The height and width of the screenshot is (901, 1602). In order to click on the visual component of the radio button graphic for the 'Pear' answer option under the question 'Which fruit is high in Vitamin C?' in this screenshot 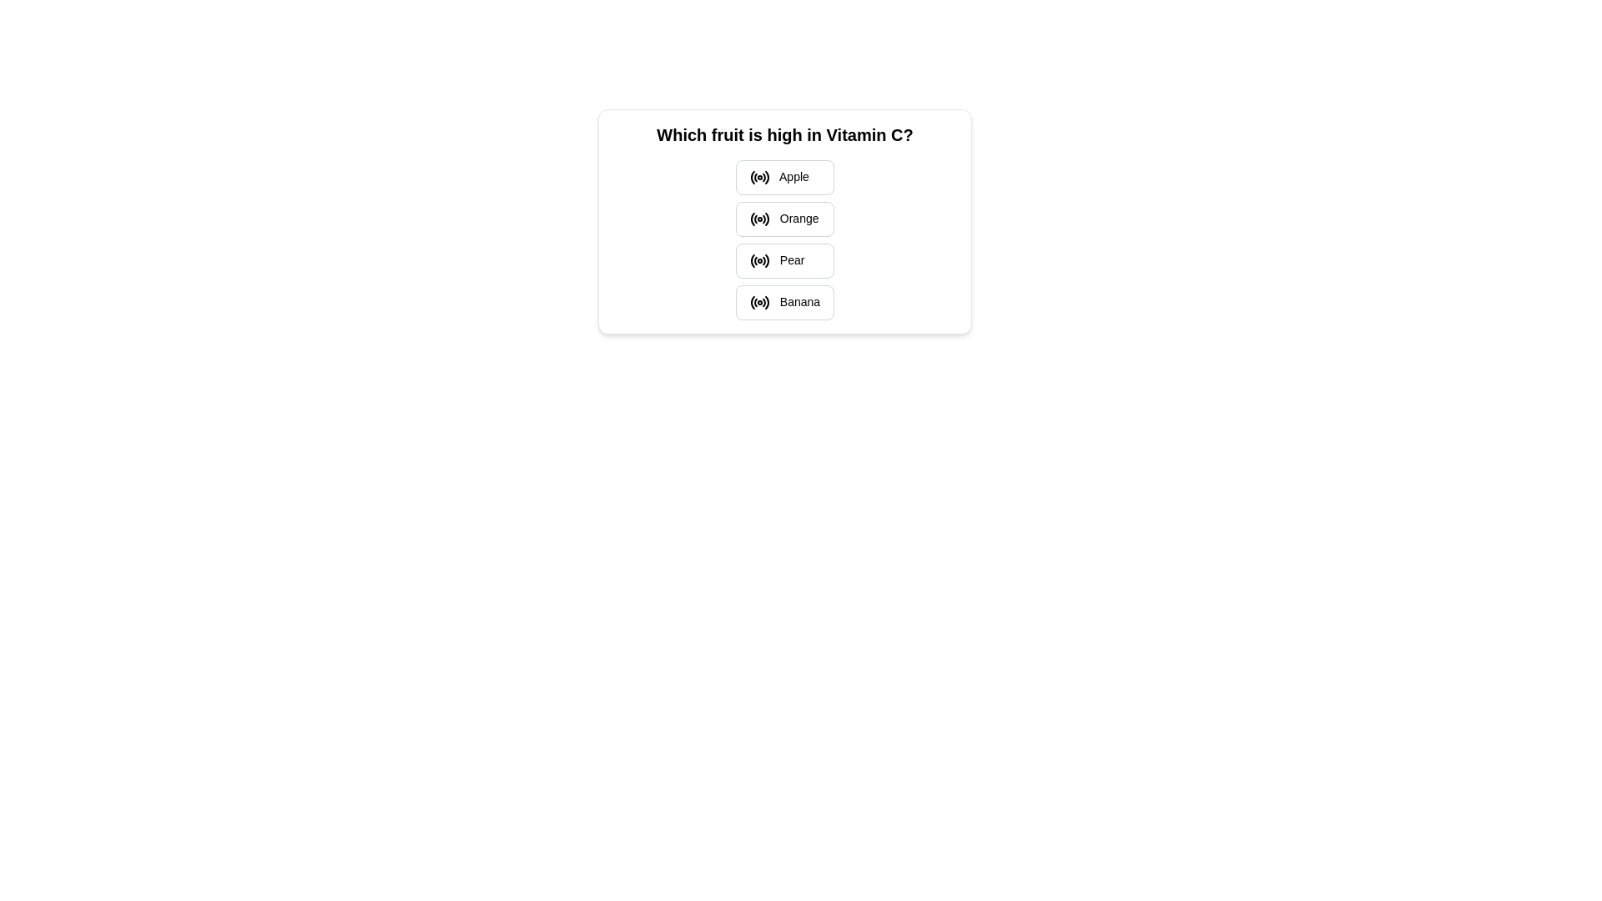, I will do `click(766, 260)`.